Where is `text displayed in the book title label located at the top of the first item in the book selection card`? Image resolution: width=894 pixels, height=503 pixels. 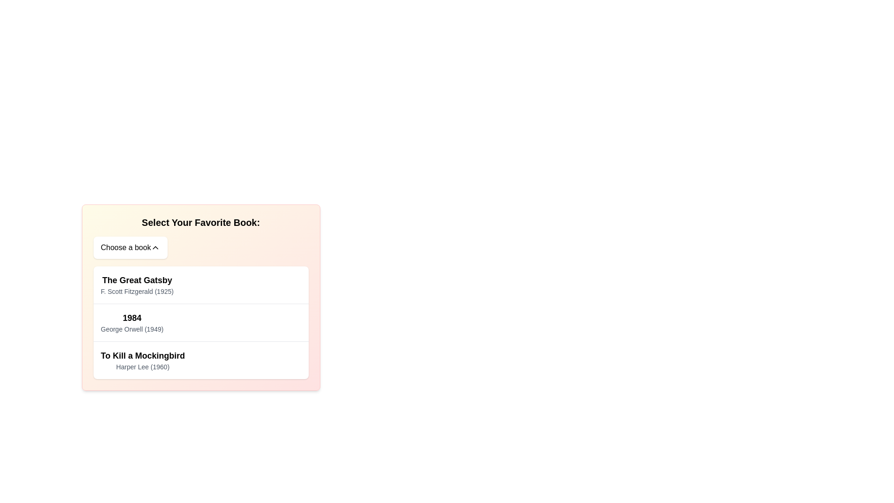 text displayed in the book title label located at the top of the first item in the book selection card is located at coordinates (136, 279).